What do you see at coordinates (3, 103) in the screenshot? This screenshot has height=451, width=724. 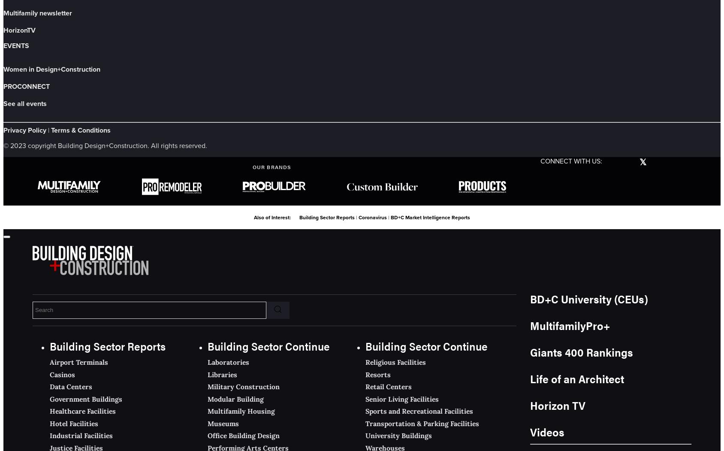 I see `'See all events'` at bounding box center [3, 103].